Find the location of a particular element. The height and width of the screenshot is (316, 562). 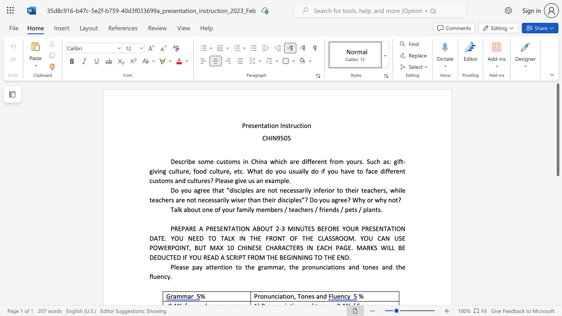

the 1th character "m" in the text is located at coordinates (207, 162).